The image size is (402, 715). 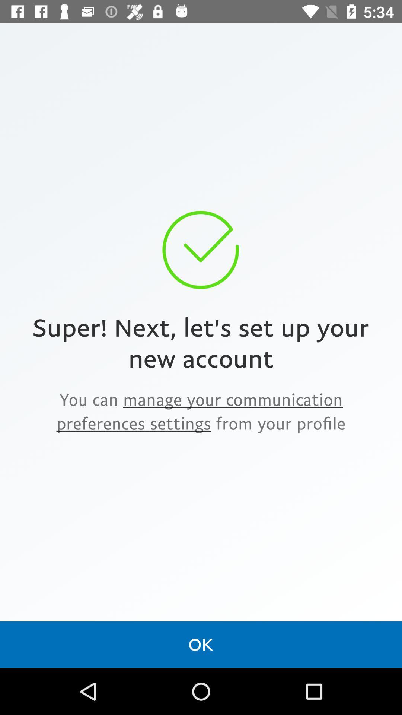 What do you see at coordinates (201, 411) in the screenshot?
I see `the item below super next let icon` at bounding box center [201, 411].